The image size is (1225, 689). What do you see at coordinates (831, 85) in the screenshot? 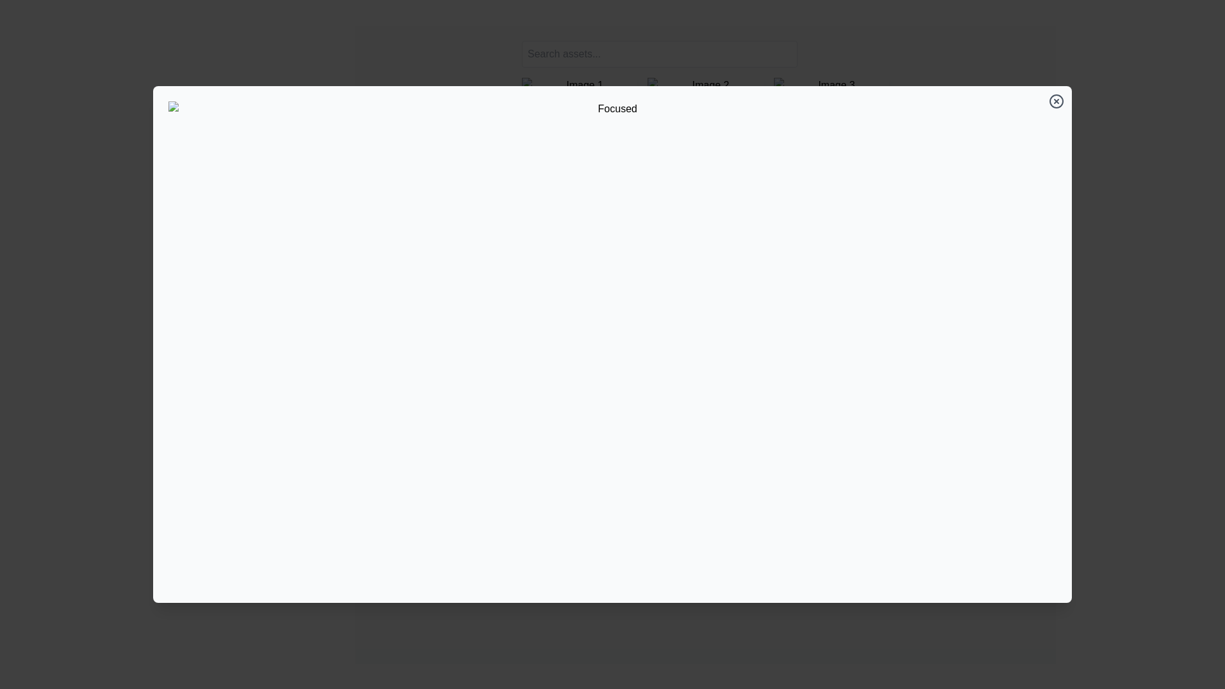
I see `the Content card located in the first row and third column of the 3x4 grid layout` at bounding box center [831, 85].